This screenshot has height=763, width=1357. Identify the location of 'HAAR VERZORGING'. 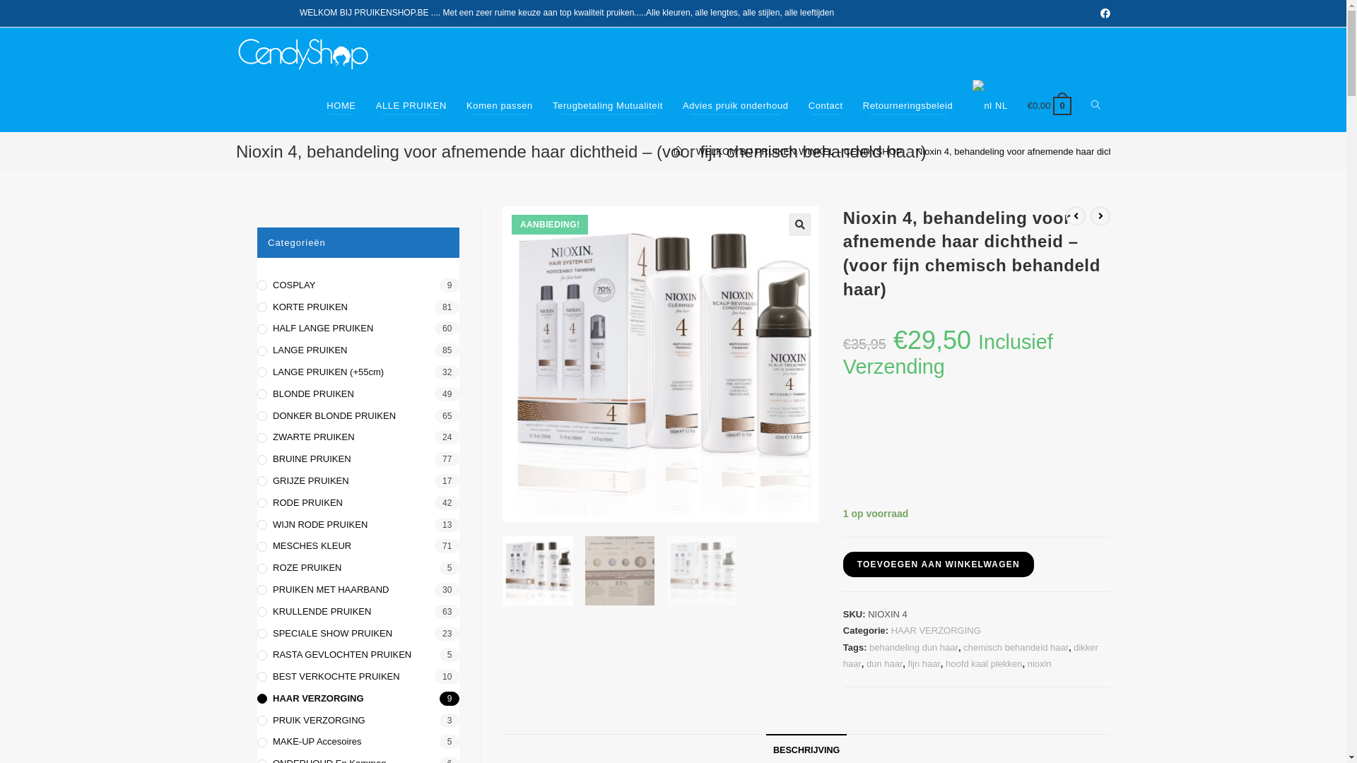
(936, 629).